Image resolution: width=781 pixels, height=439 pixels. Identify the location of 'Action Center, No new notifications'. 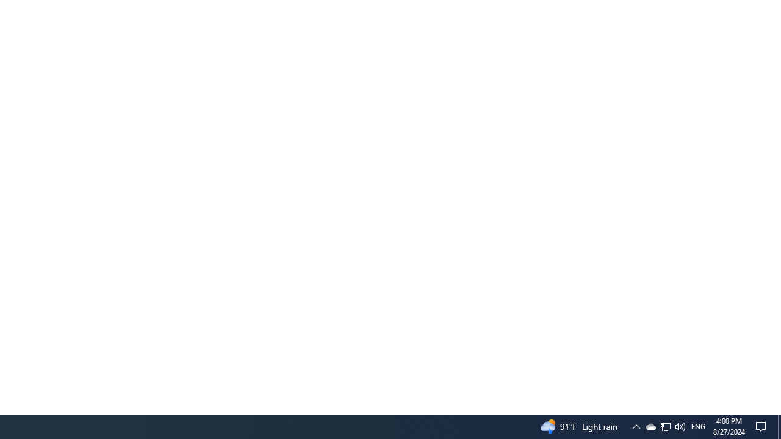
(763, 426).